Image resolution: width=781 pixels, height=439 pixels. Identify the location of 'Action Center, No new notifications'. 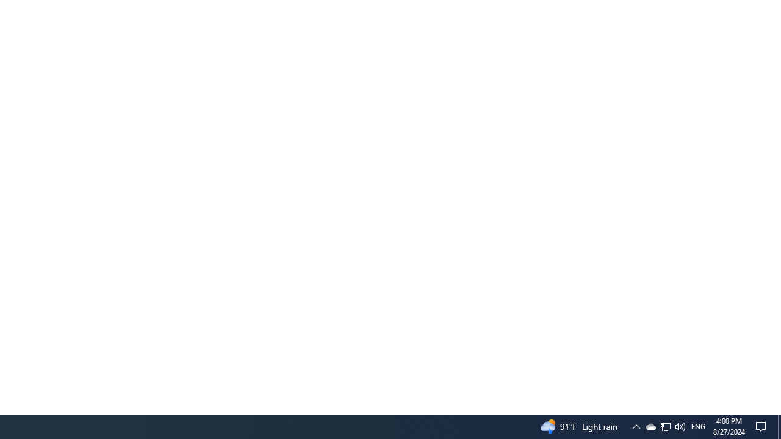
(763, 426).